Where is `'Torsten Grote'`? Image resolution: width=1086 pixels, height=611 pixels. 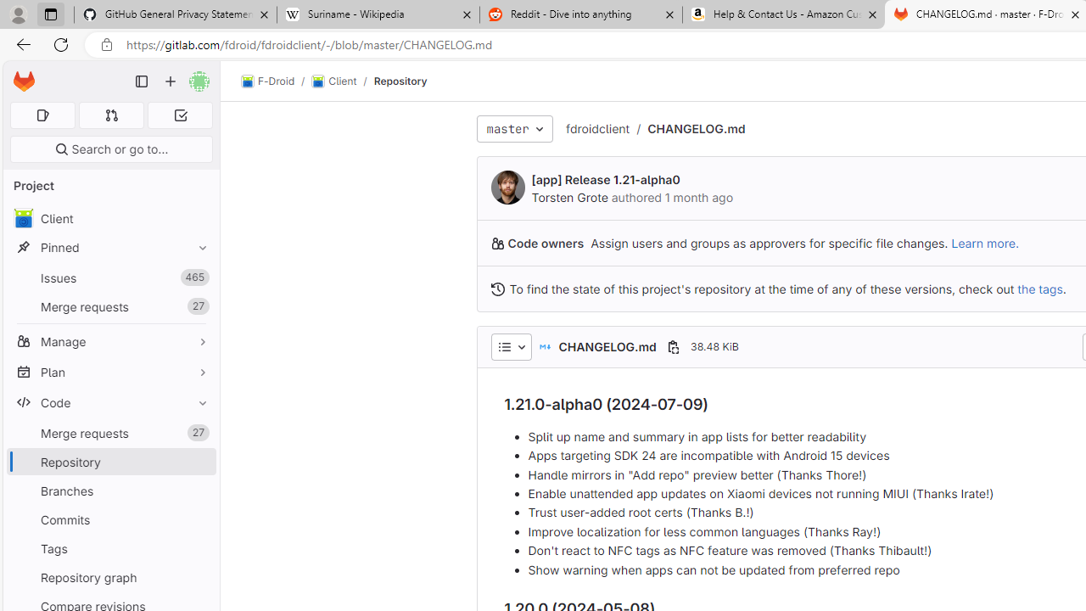 'Torsten Grote' is located at coordinates (569, 196).